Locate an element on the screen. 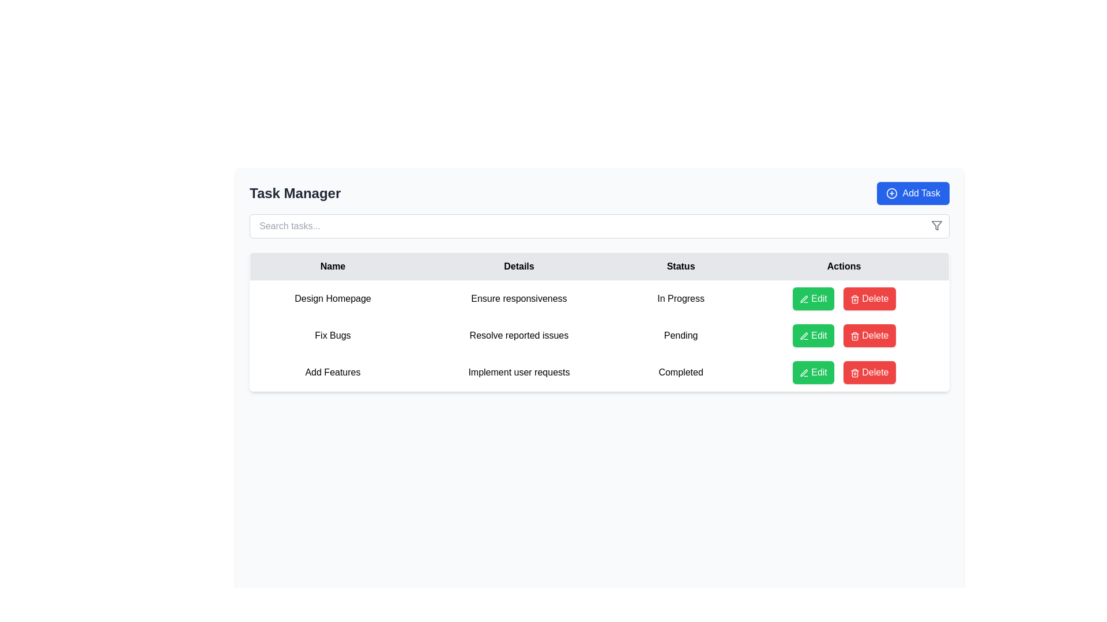  the delete button located on the rightmost side of a row within the table's 'Actions' column, next to the green 'Edit' button is located at coordinates (869, 298).